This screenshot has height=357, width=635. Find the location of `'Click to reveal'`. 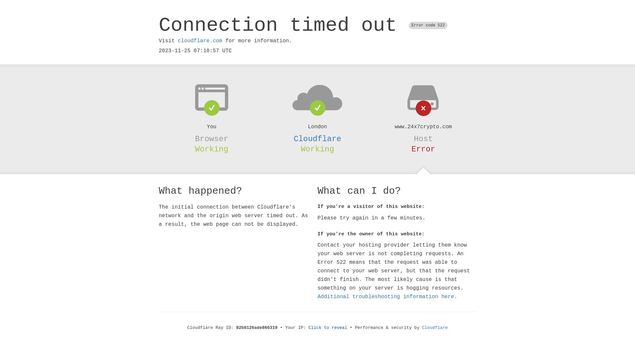

'Click to reveal' is located at coordinates (328, 328).